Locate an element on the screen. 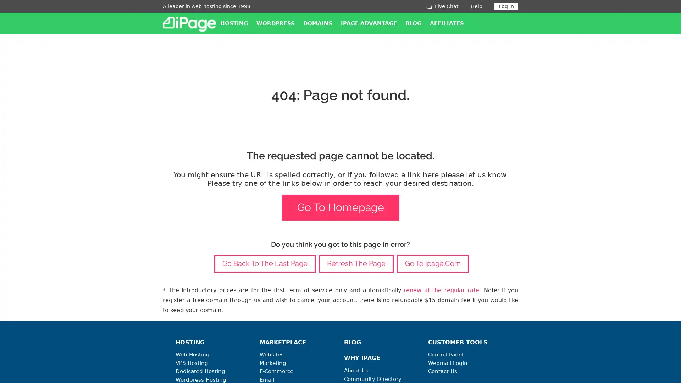  Got It is located at coordinates (72, 336).